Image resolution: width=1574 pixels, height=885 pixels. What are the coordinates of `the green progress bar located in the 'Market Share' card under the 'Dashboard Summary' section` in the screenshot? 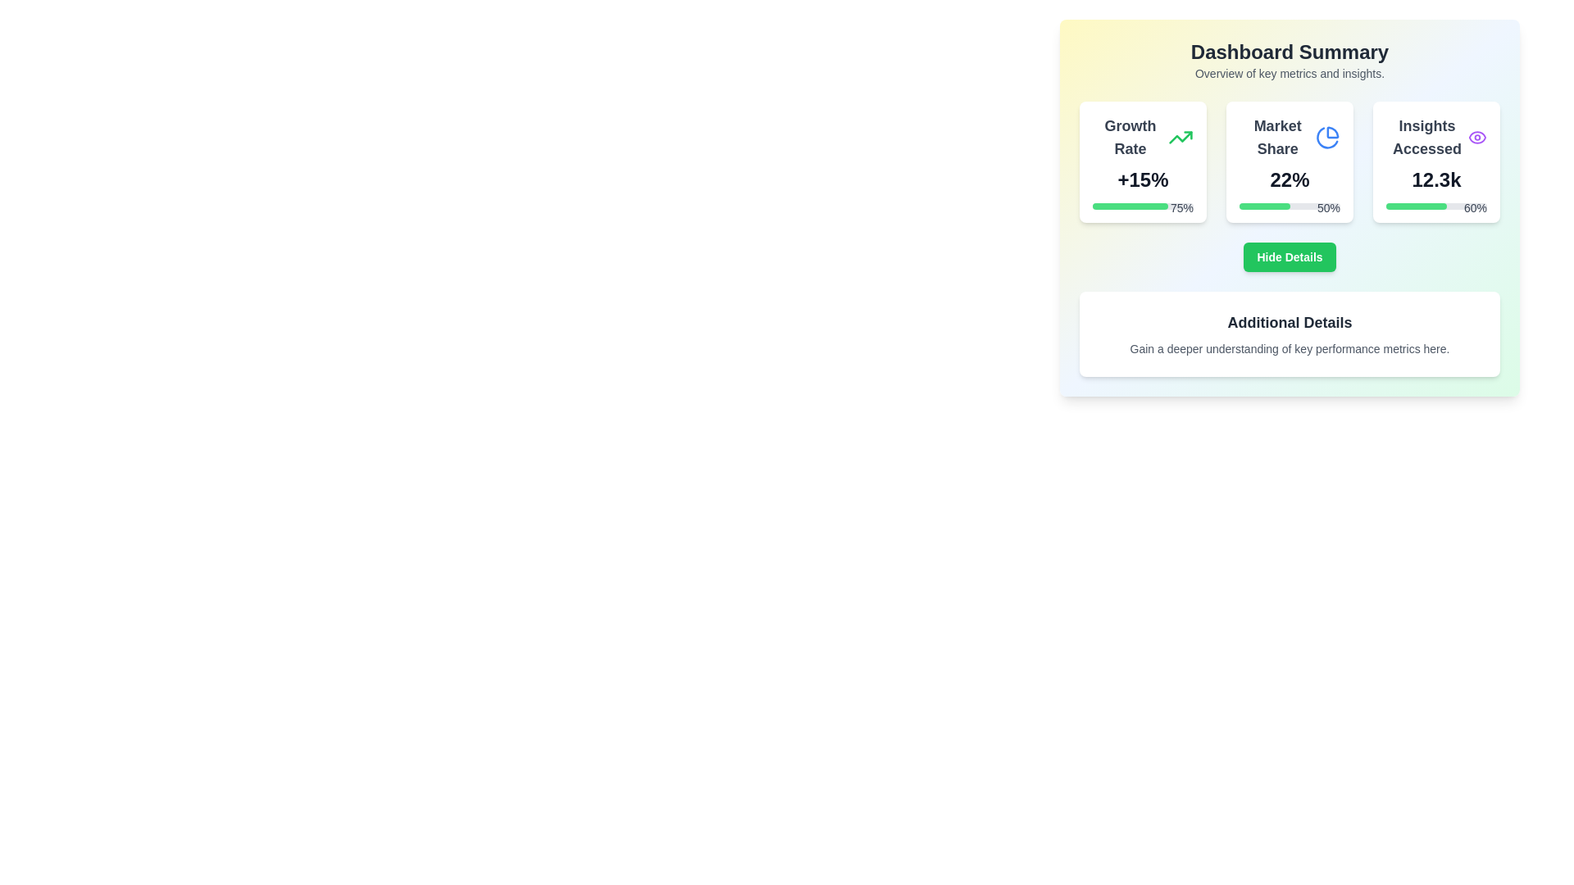 It's located at (1263, 205).